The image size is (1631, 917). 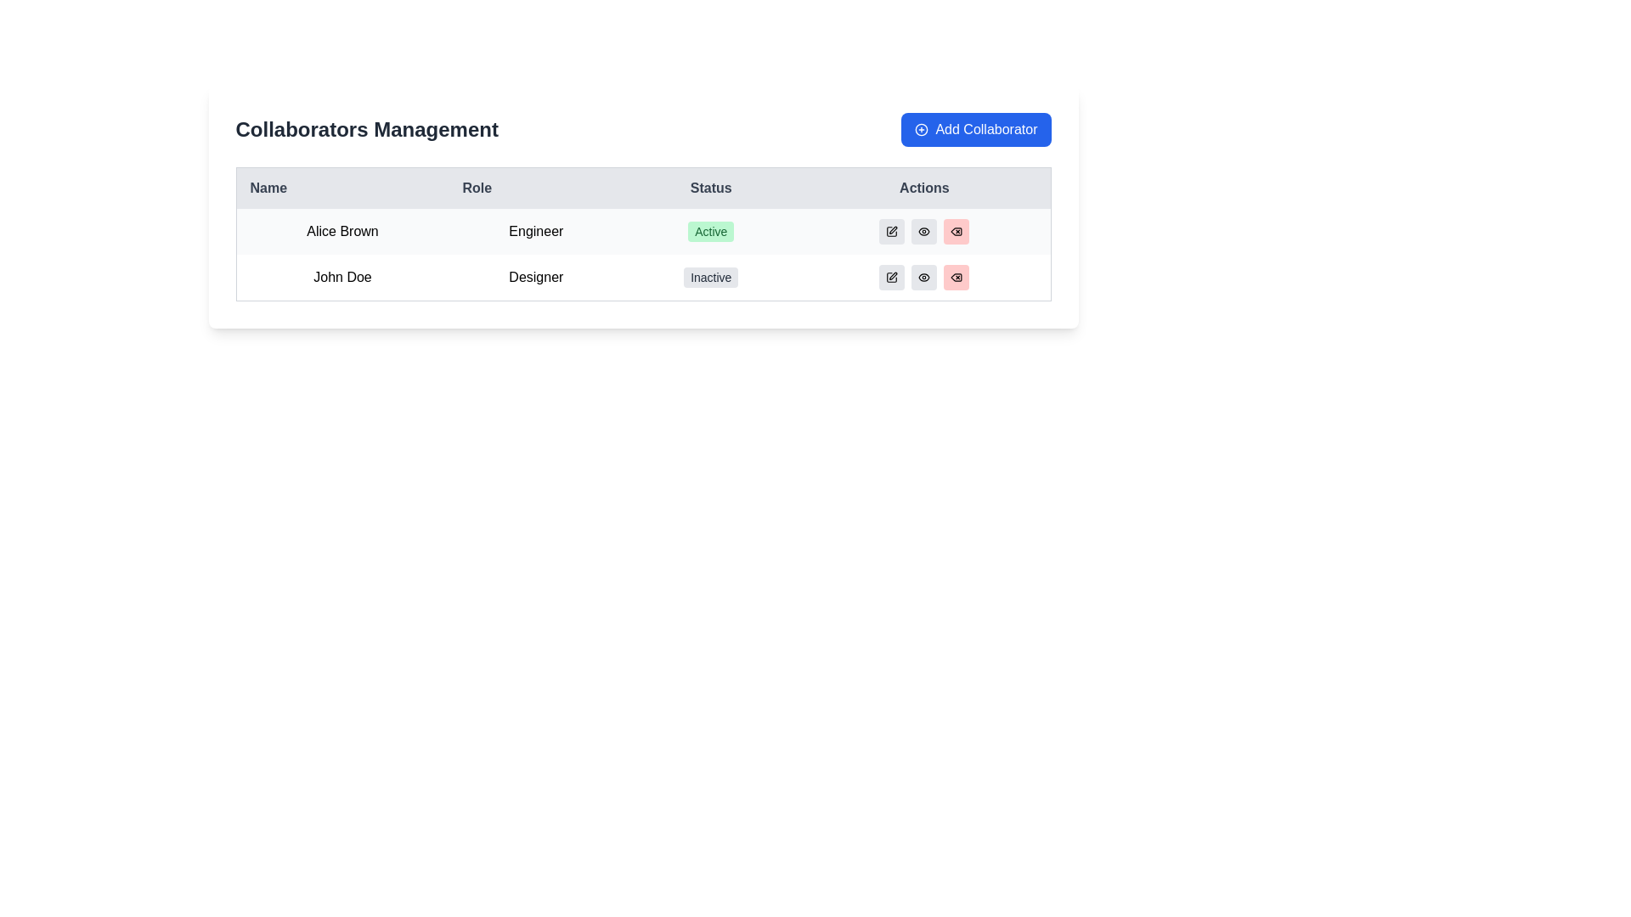 I want to click on the eye icon button located in the 'Actions' column of the second row, which is aligned with the 'Inactive' status of 'John Doe', so click(x=923, y=277).